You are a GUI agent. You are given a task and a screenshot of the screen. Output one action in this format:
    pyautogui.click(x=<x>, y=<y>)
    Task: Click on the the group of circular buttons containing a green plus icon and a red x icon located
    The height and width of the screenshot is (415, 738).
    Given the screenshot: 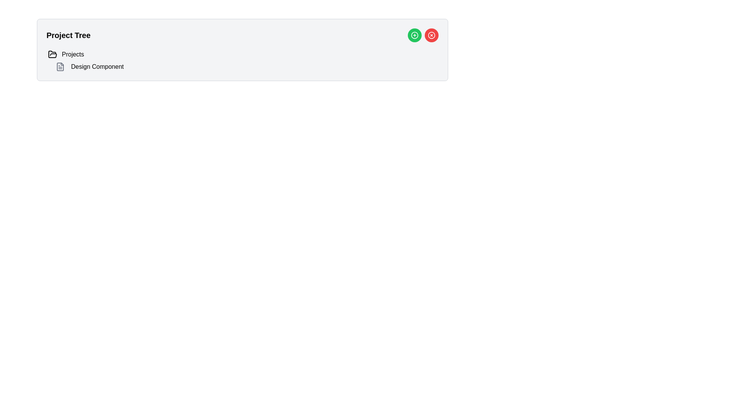 What is the action you would take?
    pyautogui.click(x=422, y=35)
    